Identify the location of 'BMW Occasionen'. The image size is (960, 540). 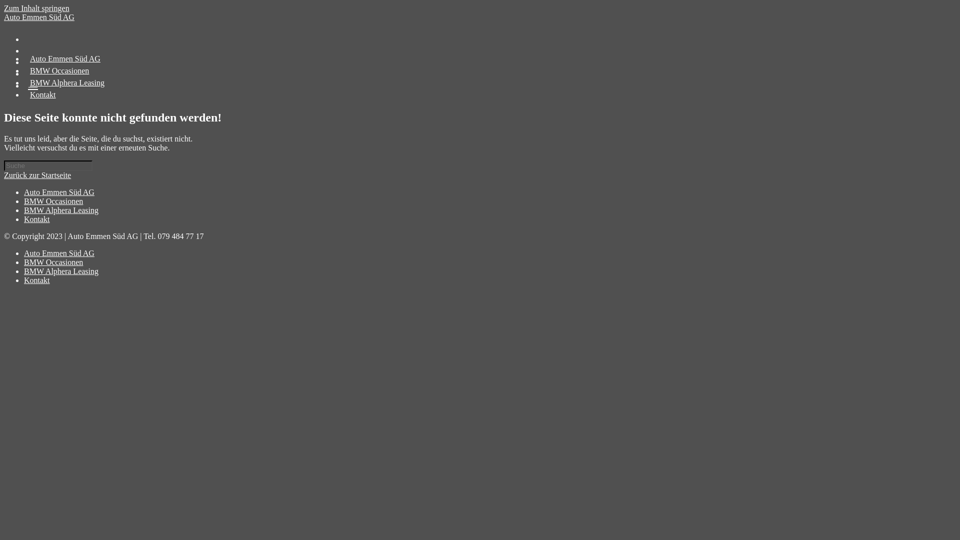
(52, 261).